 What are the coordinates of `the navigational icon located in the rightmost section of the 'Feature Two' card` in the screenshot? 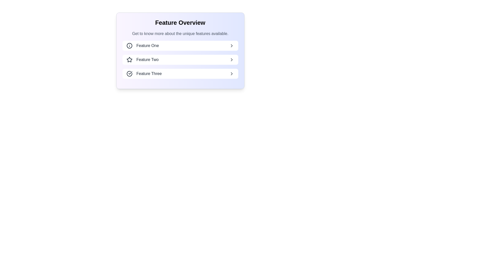 It's located at (231, 59).